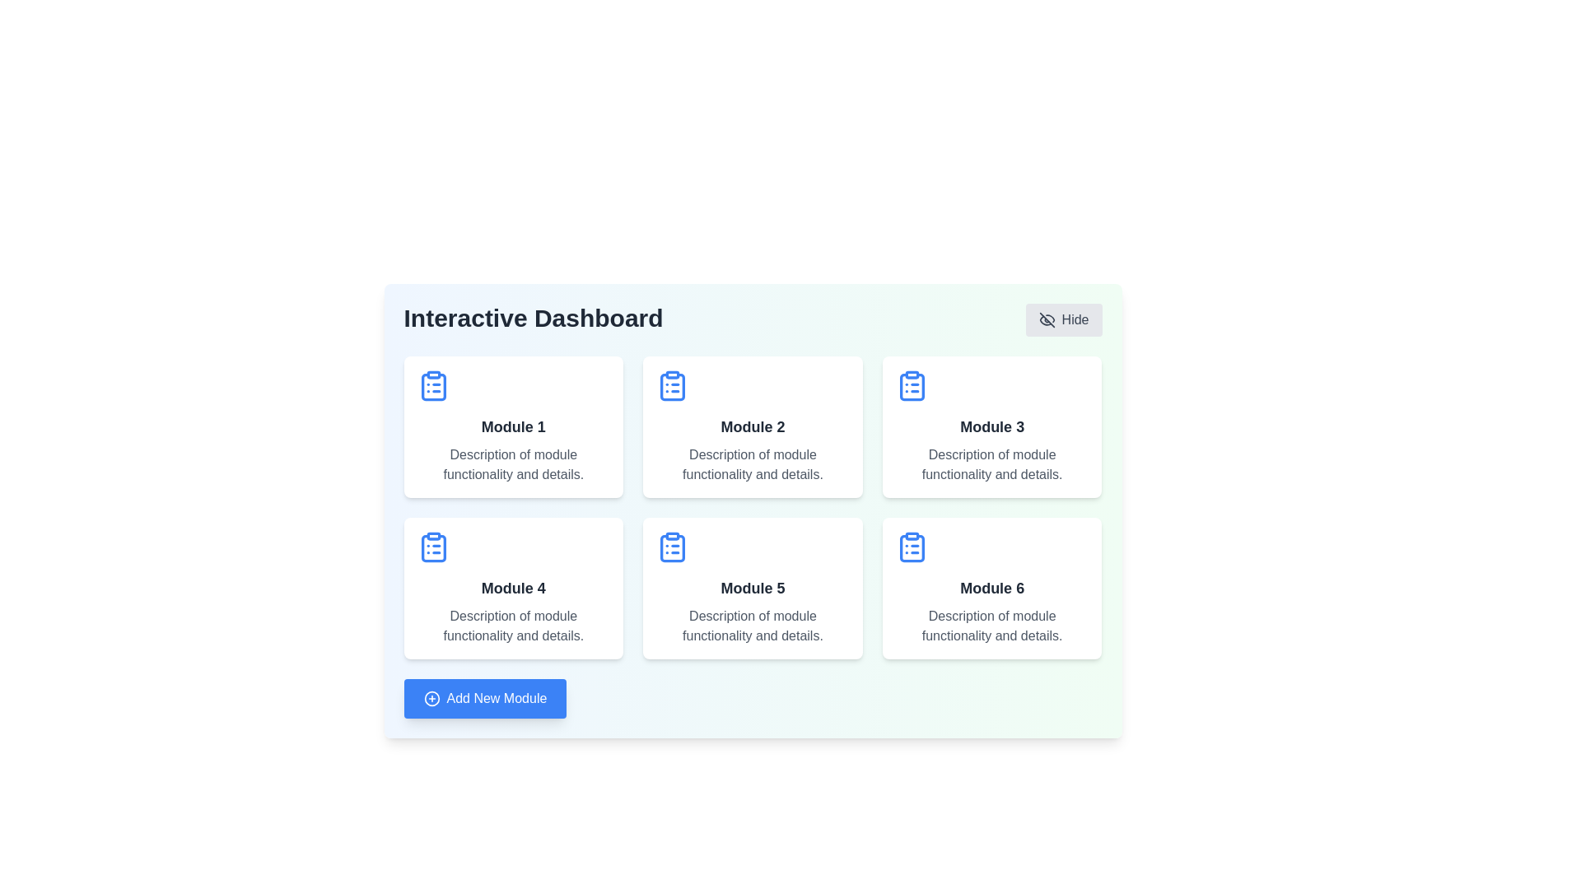 Image resolution: width=1581 pixels, height=889 pixels. Describe the element at coordinates (911, 548) in the screenshot. I see `the blue clipboard icon located in the bottom-right module of the sixth card in the grid layout` at that location.